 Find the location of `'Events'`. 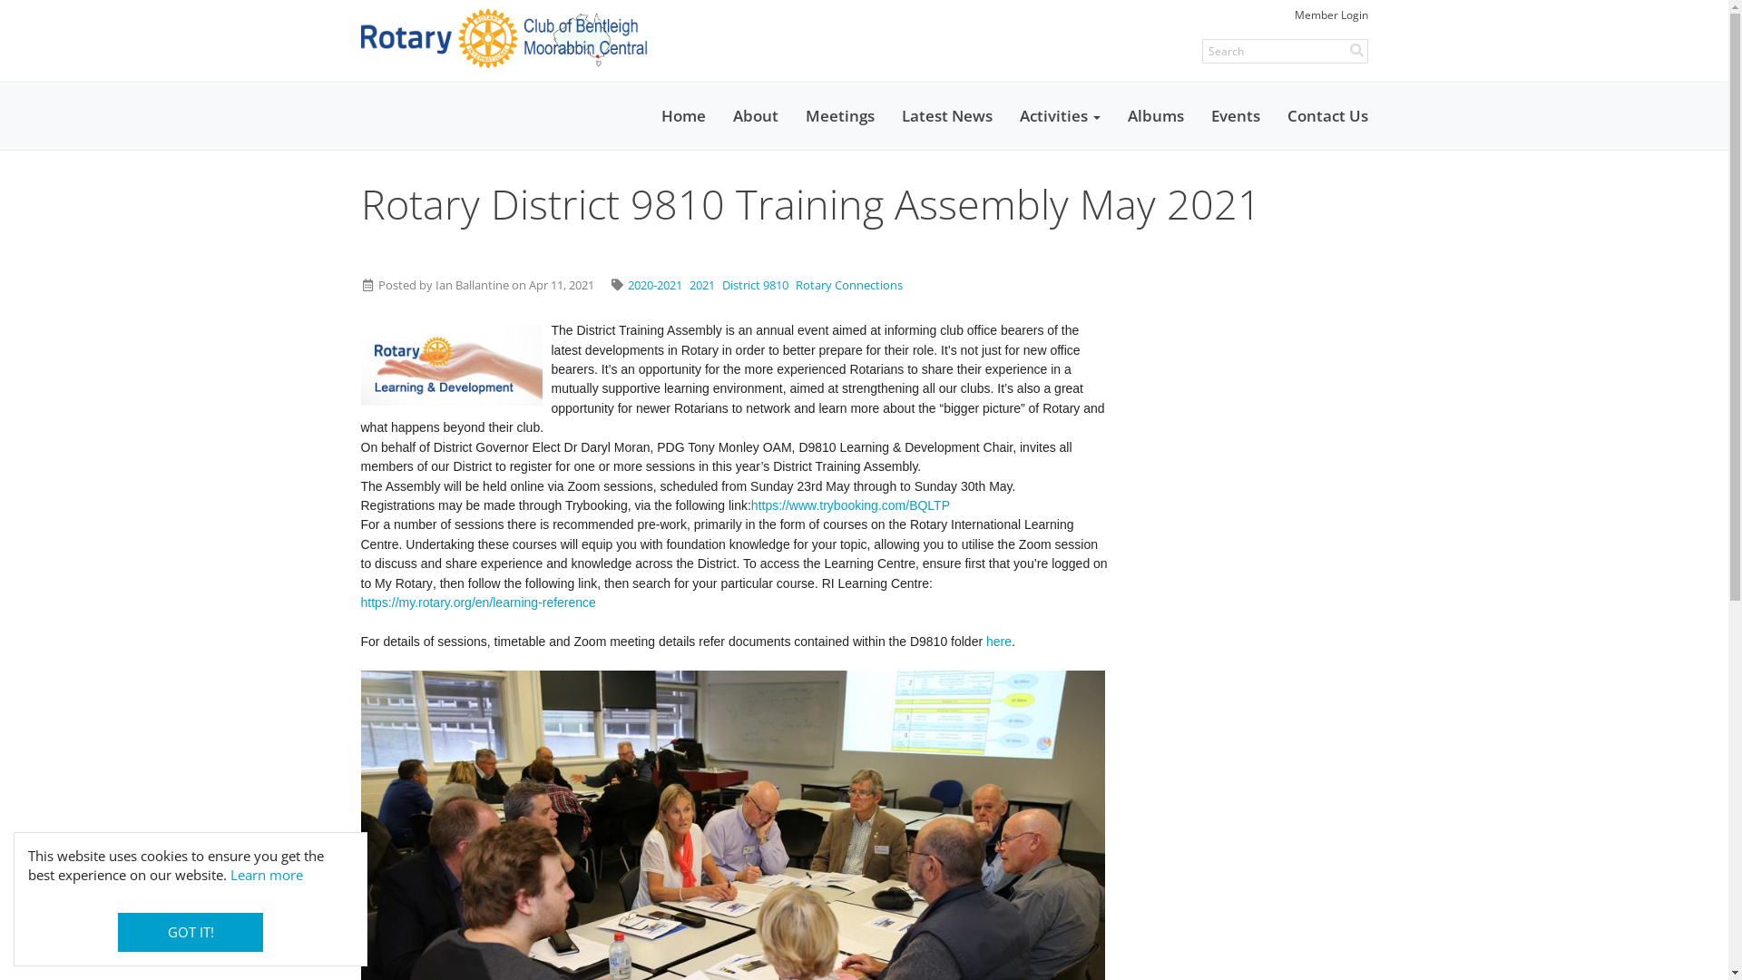

'Events' is located at coordinates (1235, 115).